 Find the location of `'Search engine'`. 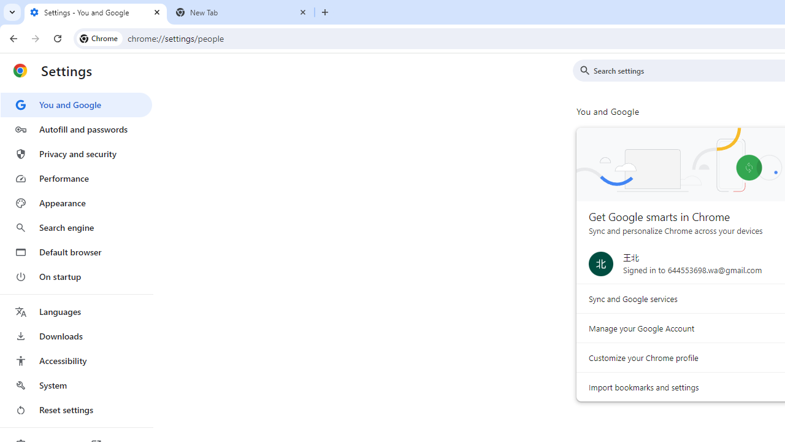

'Search engine' is located at coordinates (75, 228).